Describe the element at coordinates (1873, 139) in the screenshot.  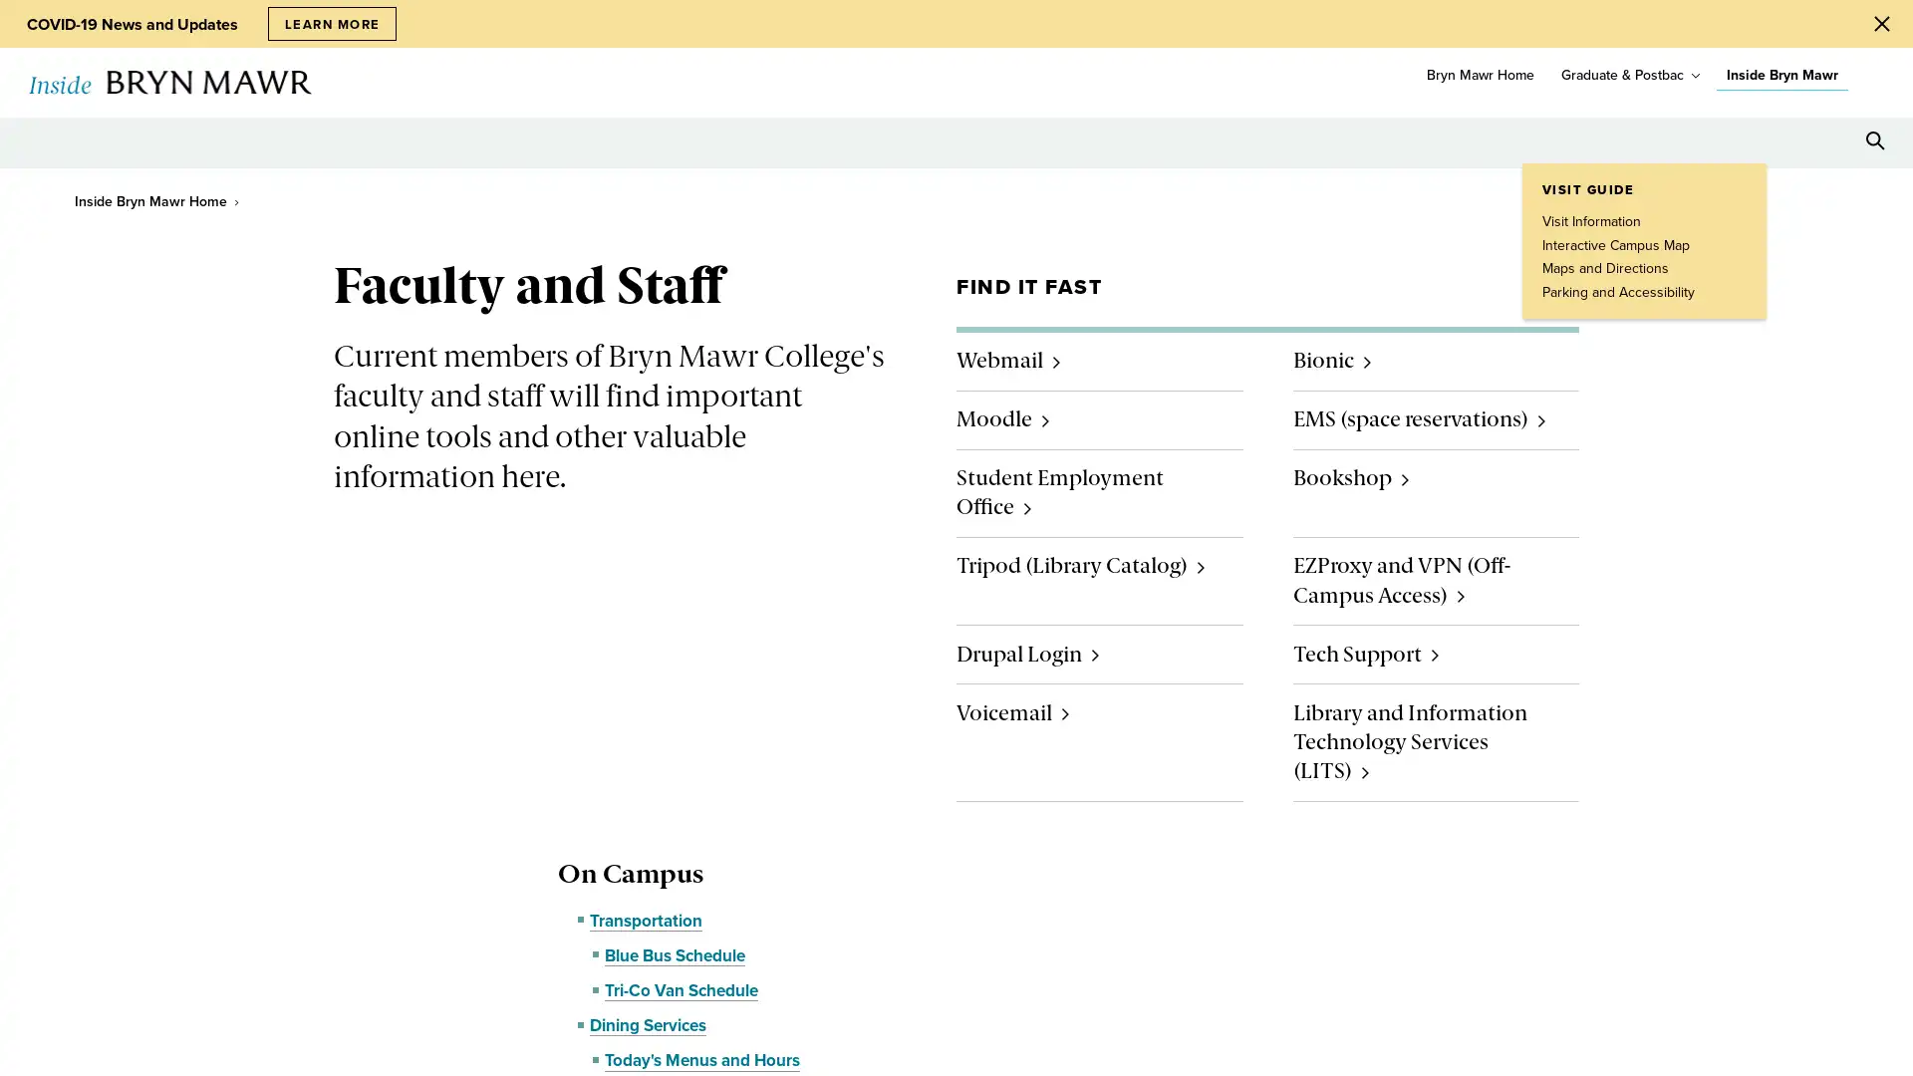
I see `Search` at that location.